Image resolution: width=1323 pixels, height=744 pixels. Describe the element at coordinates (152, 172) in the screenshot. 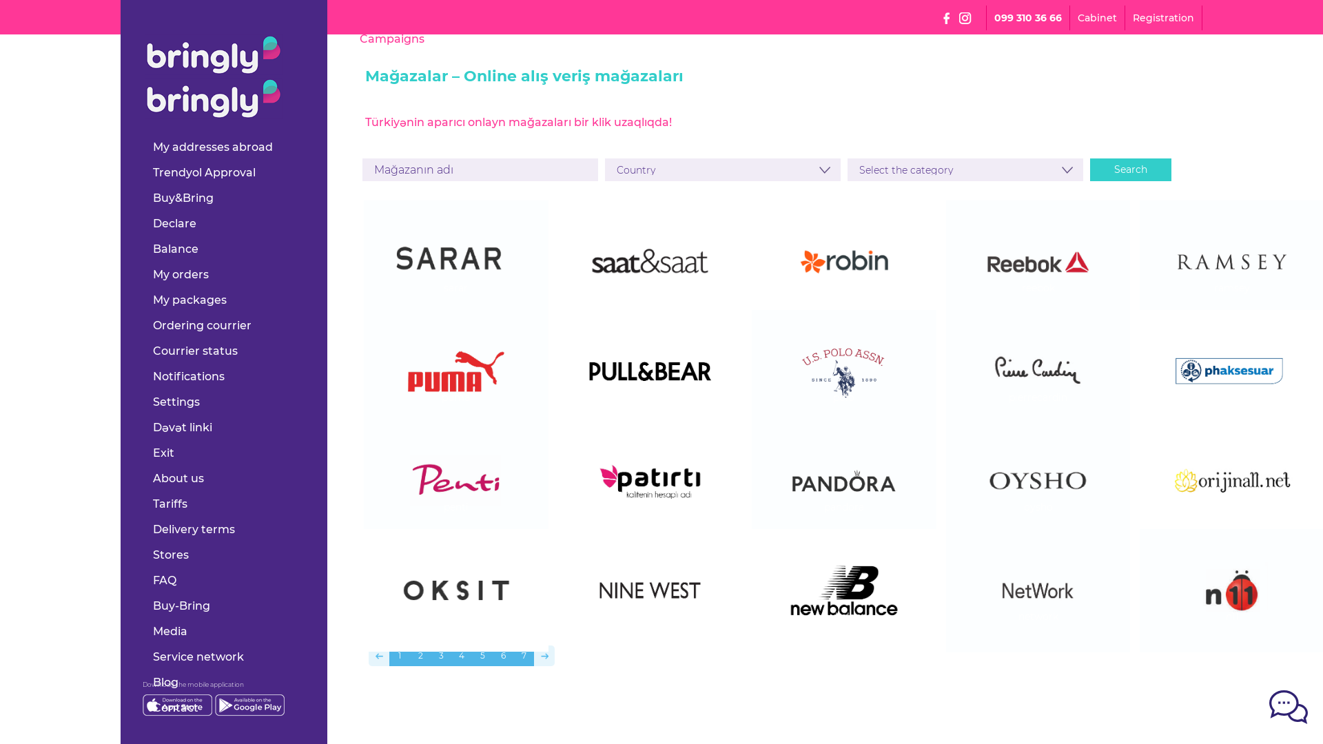

I see `'Trendyol Approval'` at that location.